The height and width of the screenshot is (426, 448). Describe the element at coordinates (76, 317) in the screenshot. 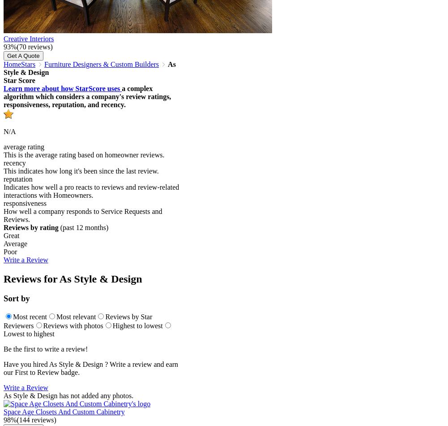

I see `'Most relevant'` at that location.